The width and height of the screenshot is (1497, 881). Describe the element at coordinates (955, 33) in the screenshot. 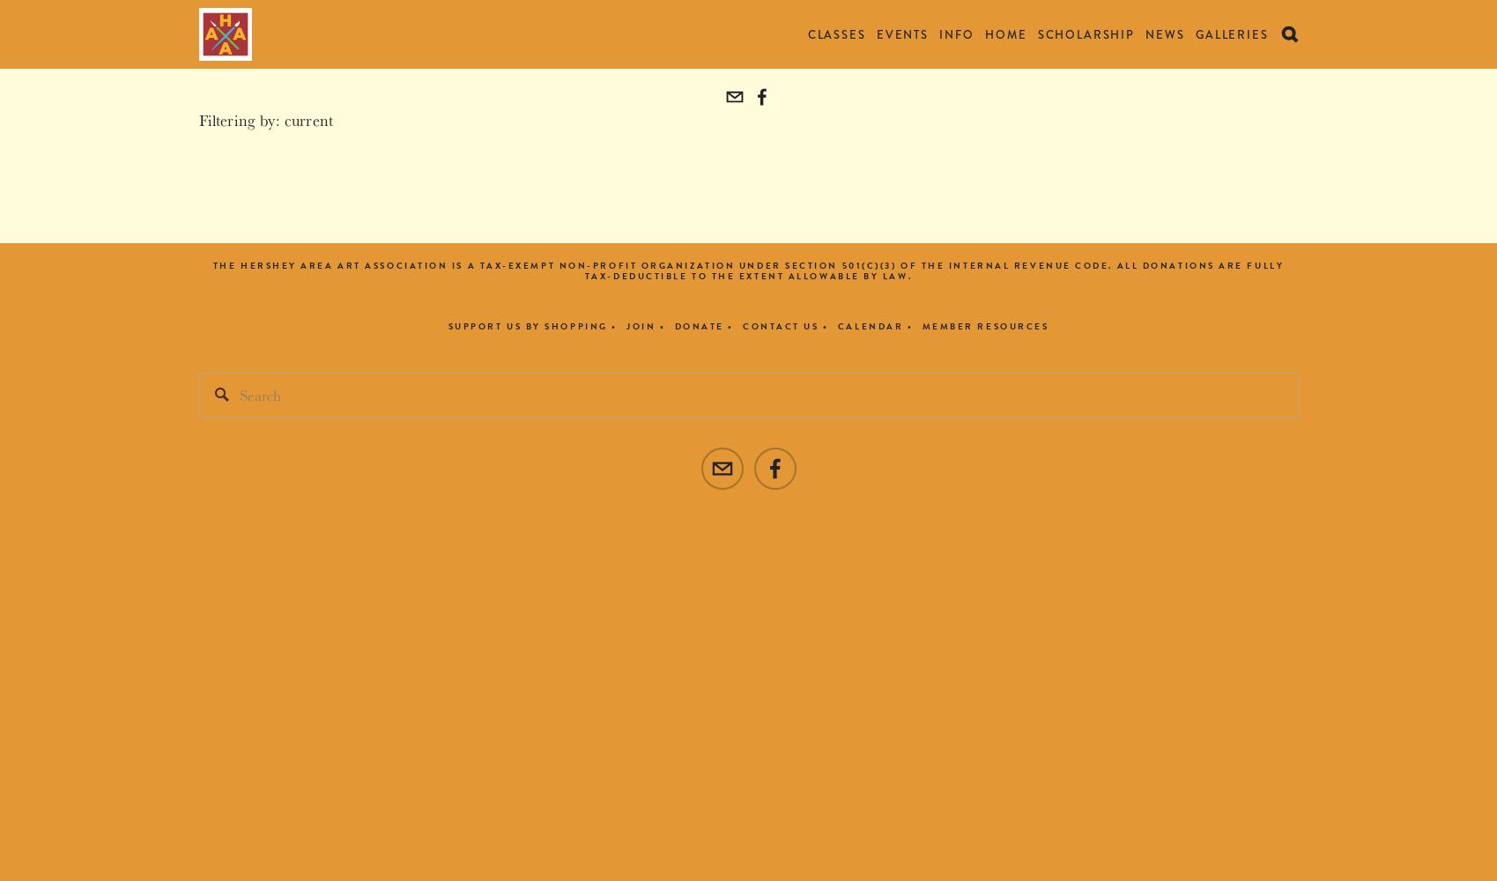

I see `'Info'` at that location.